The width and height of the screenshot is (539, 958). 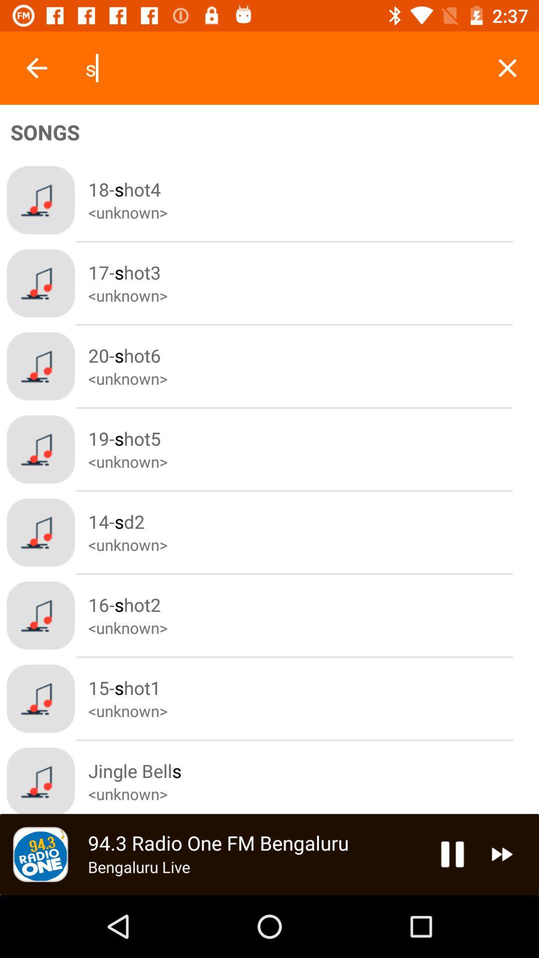 I want to click on x symbol, so click(x=508, y=67).